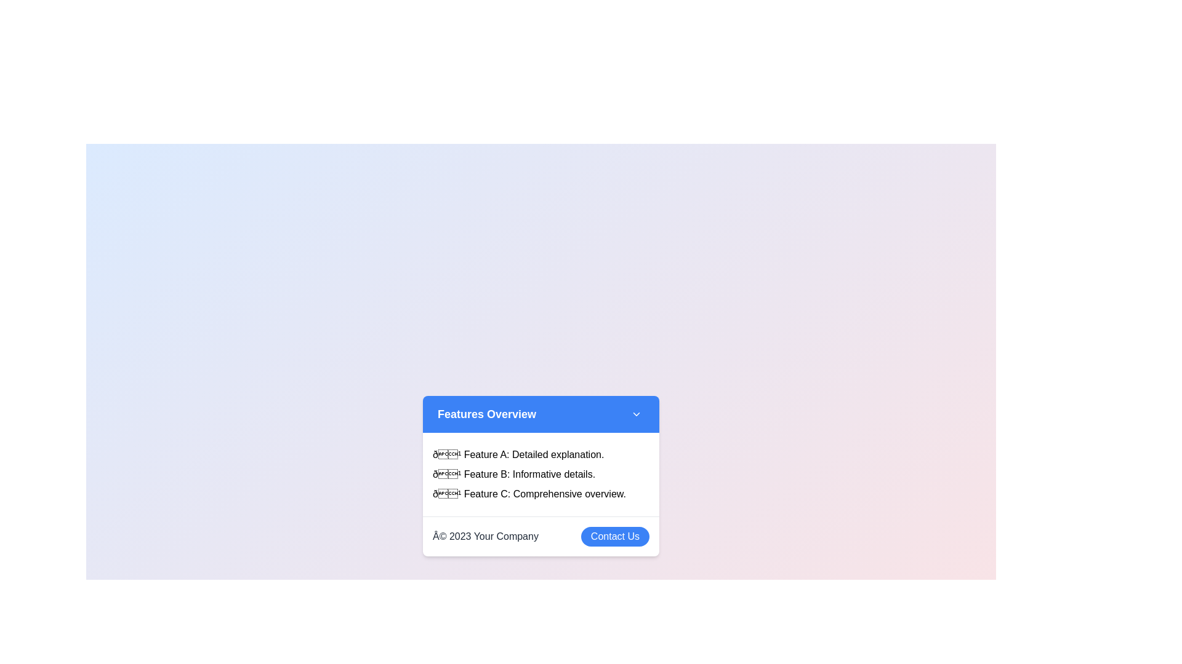  What do you see at coordinates (541, 454) in the screenshot?
I see `description displayed in the Text Label that provides information about Feature A, which is the first item in the vertical list under the 'Features Overview' section` at bounding box center [541, 454].